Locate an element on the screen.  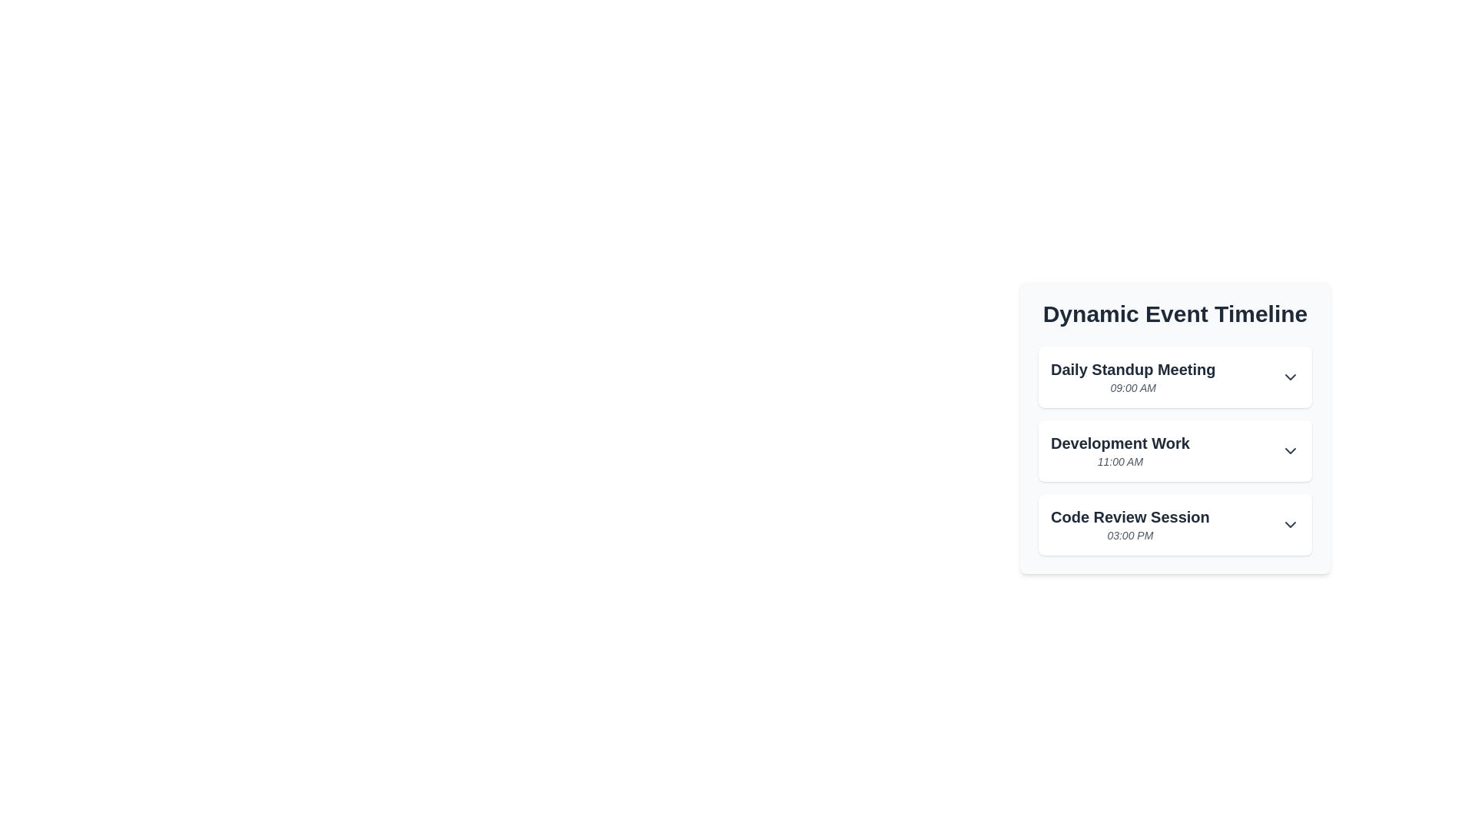
the static text block representing the scheduled event titled 'Development Work' at '11:00 AM', which is the second listed event in the 'Dynamic Event Timeline' section is located at coordinates (1120, 450).